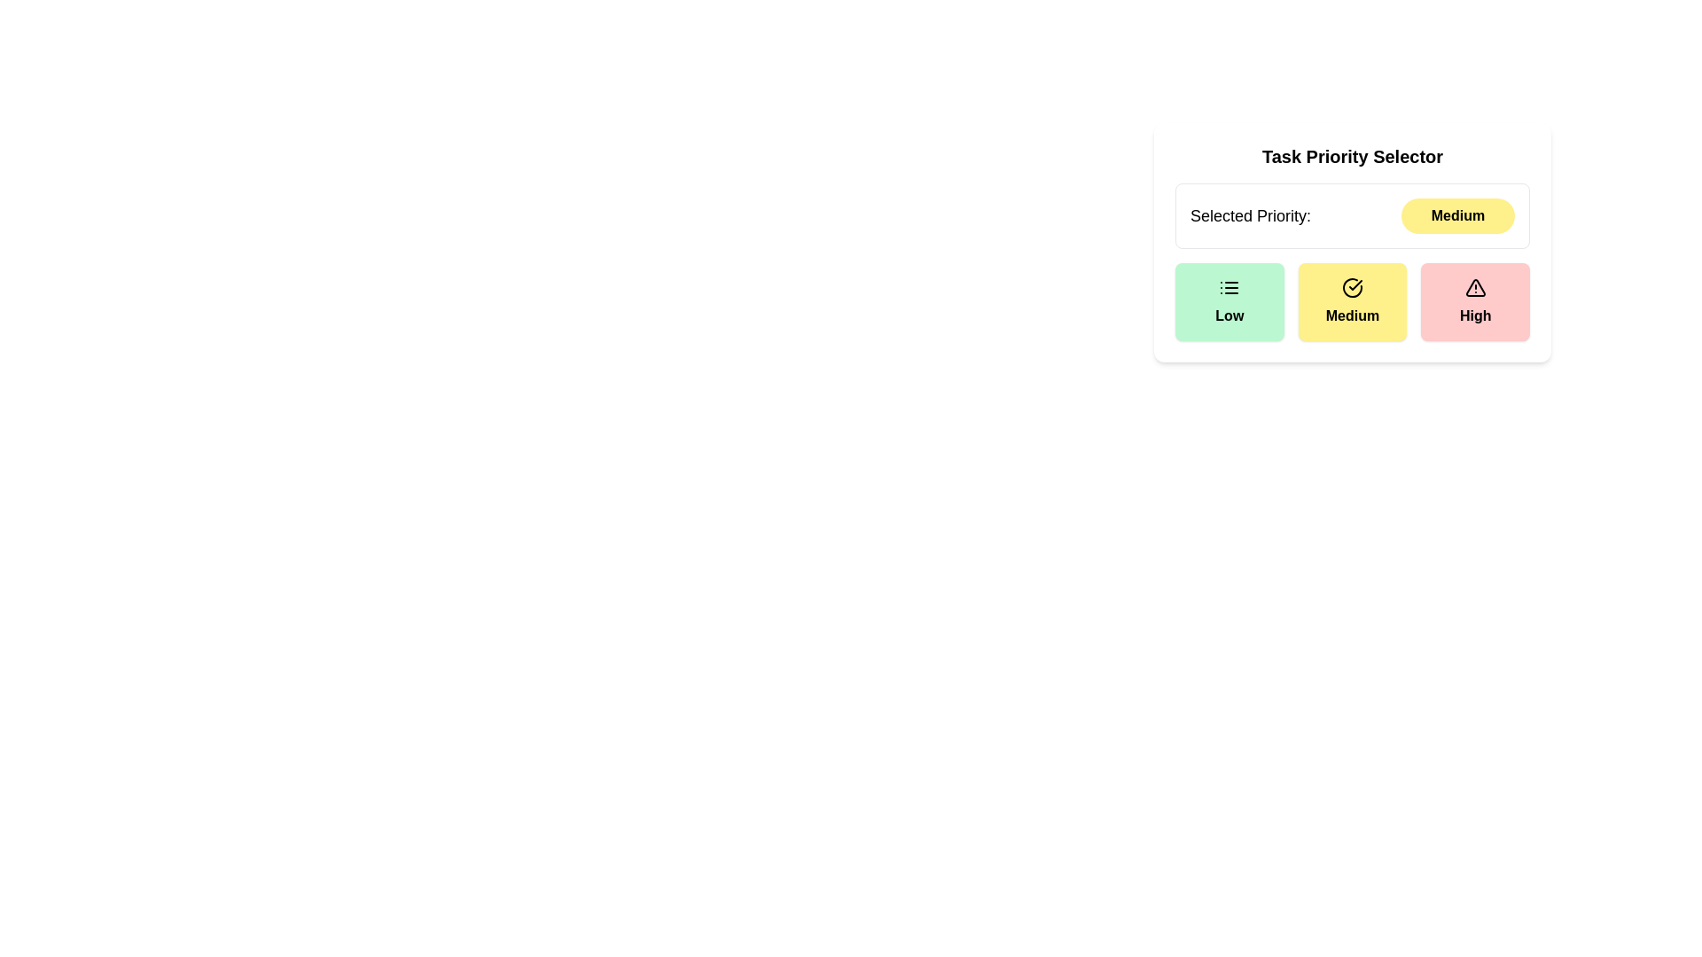  Describe the element at coordinates (1352, 300) in the screenshot. I see `the priority level Medium button` at that location.